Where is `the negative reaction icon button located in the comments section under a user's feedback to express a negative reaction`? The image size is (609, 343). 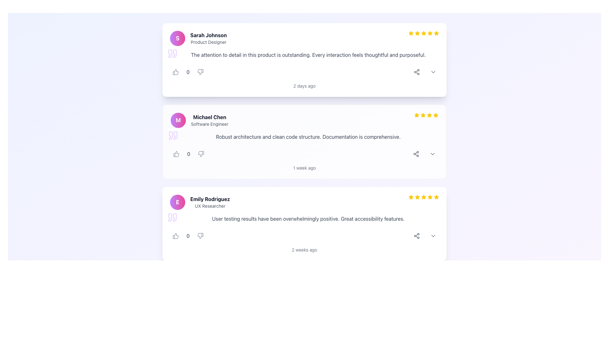
the negative reaction icon button located in the comments section under a user's feedback to express a negative reaction is located at coordinates (200, 72).